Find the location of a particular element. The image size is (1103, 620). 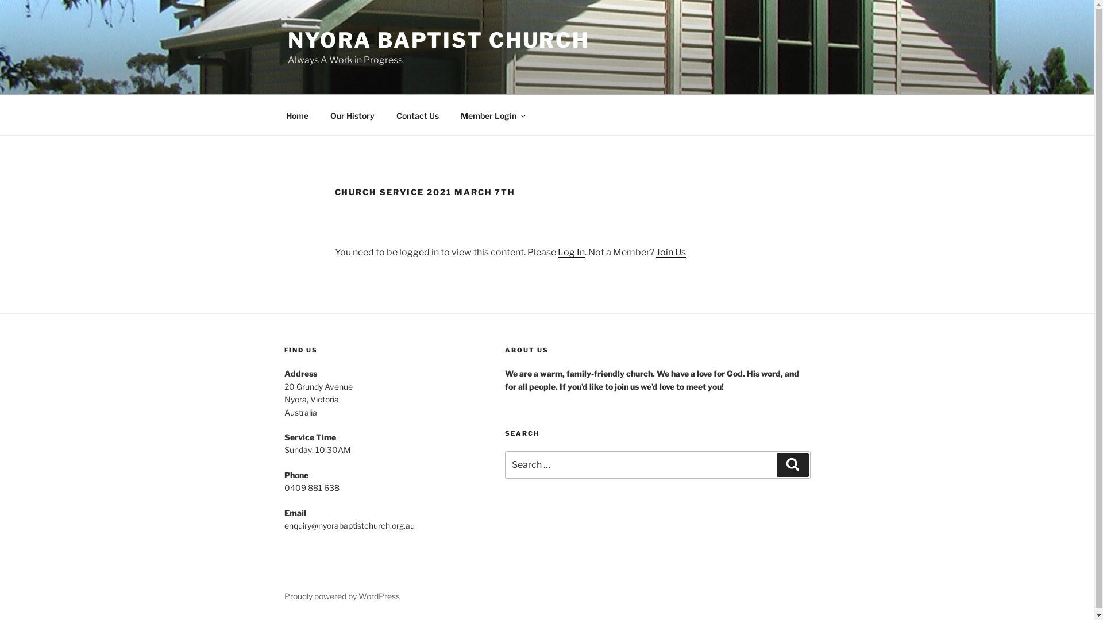

'Proudly powered by WordPress' is located at coordinates (341, 595).